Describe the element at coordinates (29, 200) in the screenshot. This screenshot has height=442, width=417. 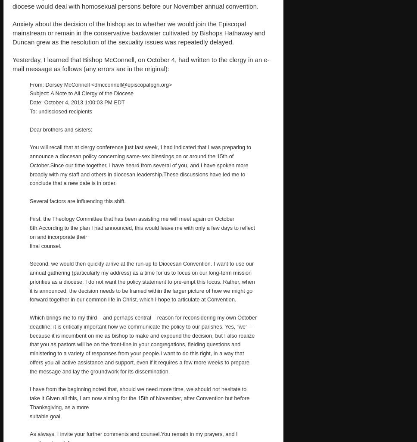
I see `'Several factors are influencing this shift.'` at that location.